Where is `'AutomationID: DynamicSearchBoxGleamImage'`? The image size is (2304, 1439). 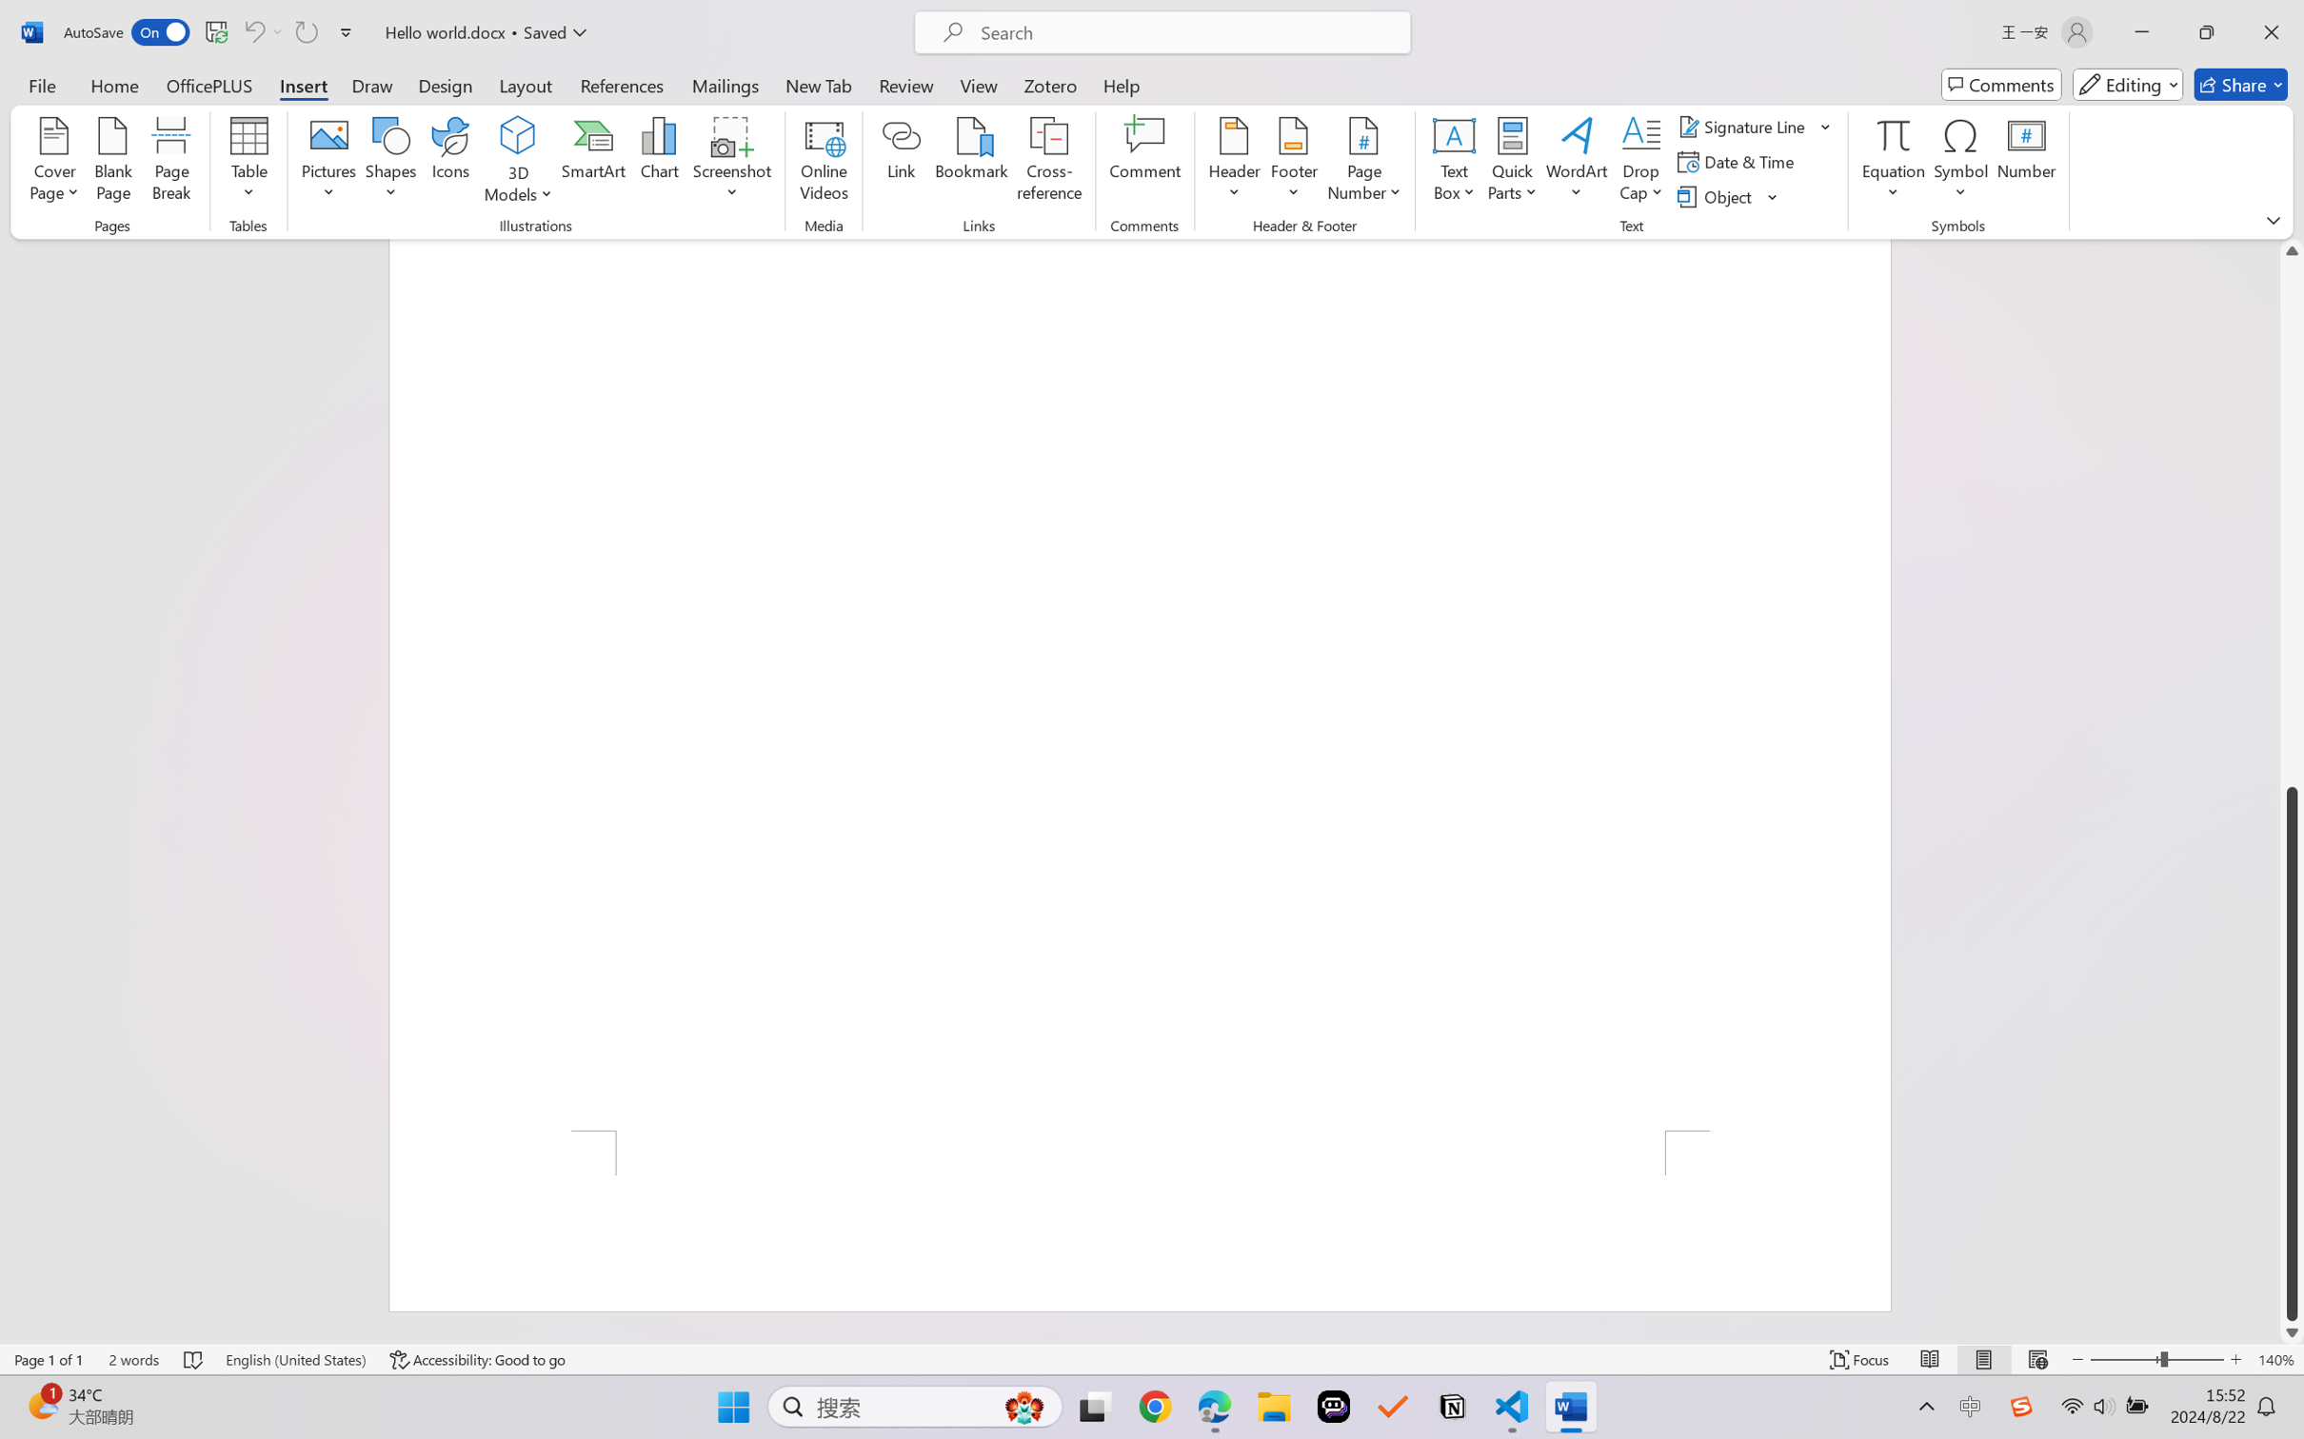 'AutomationID: DynamicSearchBoxGleamImage' is located at coordinates (1024, 1407).